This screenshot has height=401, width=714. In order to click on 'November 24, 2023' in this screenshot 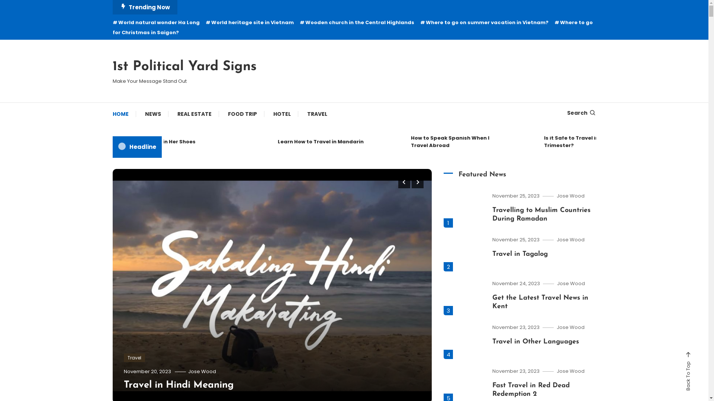, I will do `click(515, 283)`.